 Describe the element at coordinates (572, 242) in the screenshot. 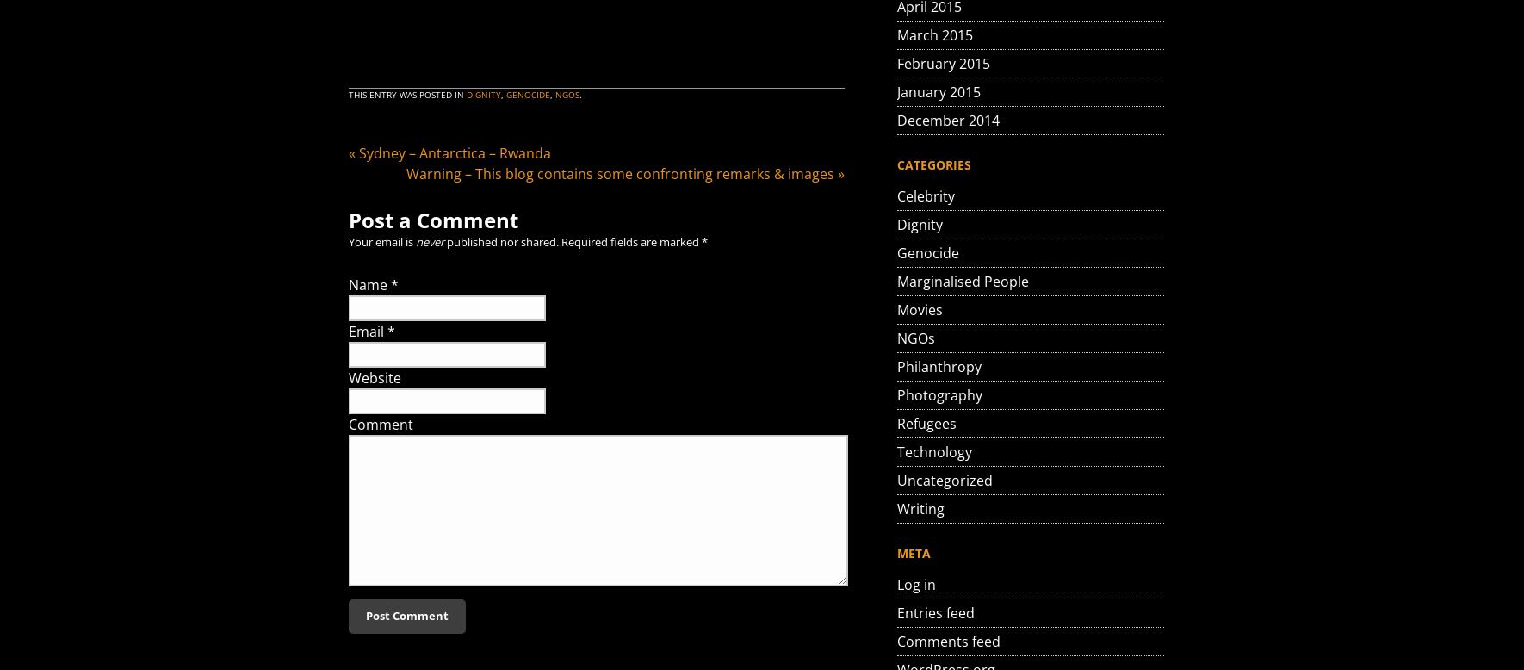

I see `'published nor shared. Required fields are marked'` at that location.